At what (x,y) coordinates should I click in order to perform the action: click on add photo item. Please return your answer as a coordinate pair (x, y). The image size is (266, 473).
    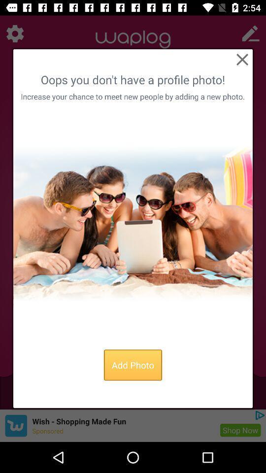
    Looking at the image, I should click on (133, 365).